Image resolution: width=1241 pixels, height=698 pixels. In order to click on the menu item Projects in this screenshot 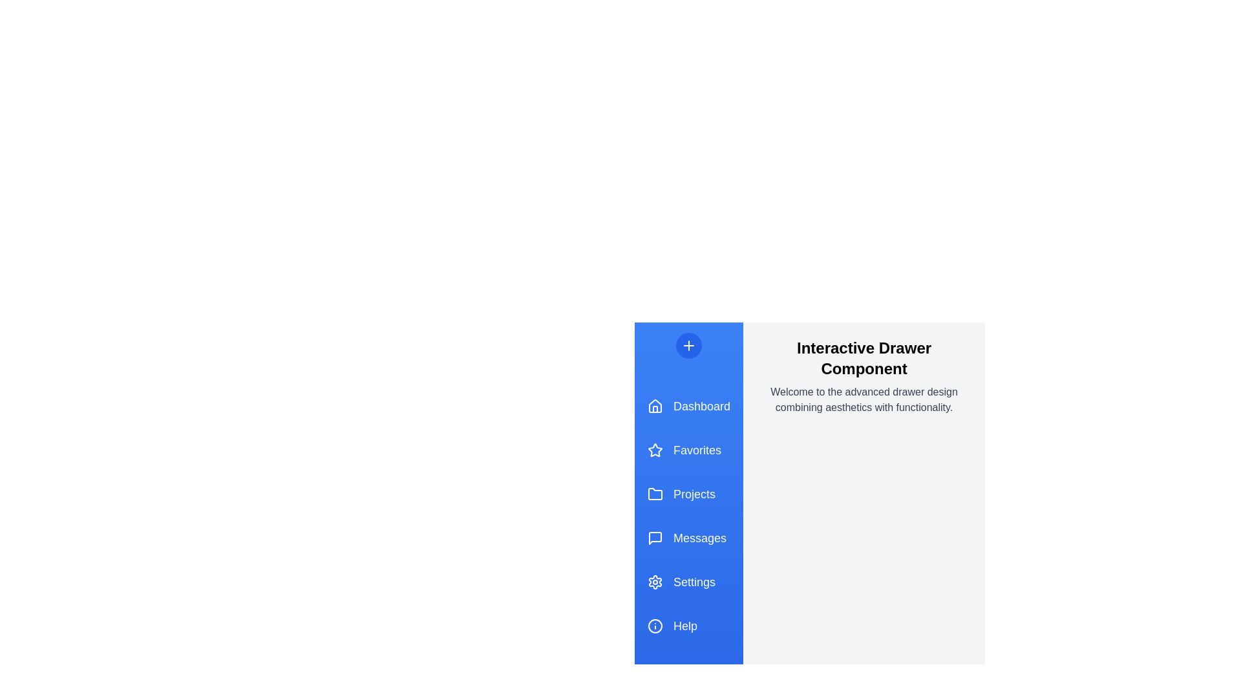, I will do `click(688, 494)`.